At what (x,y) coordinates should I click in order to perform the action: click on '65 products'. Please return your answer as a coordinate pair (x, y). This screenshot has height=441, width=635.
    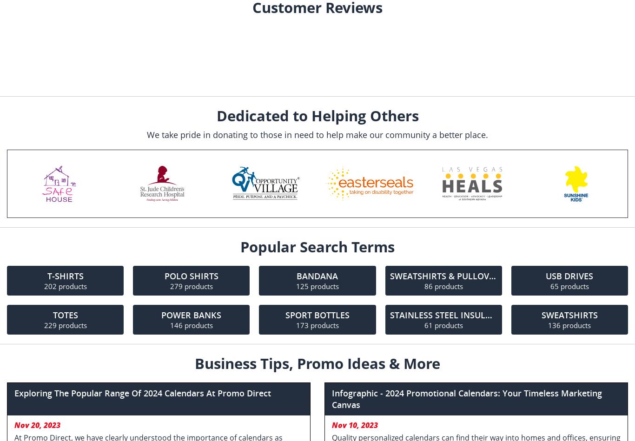
    Looking at the image, I should click on (569, 285).